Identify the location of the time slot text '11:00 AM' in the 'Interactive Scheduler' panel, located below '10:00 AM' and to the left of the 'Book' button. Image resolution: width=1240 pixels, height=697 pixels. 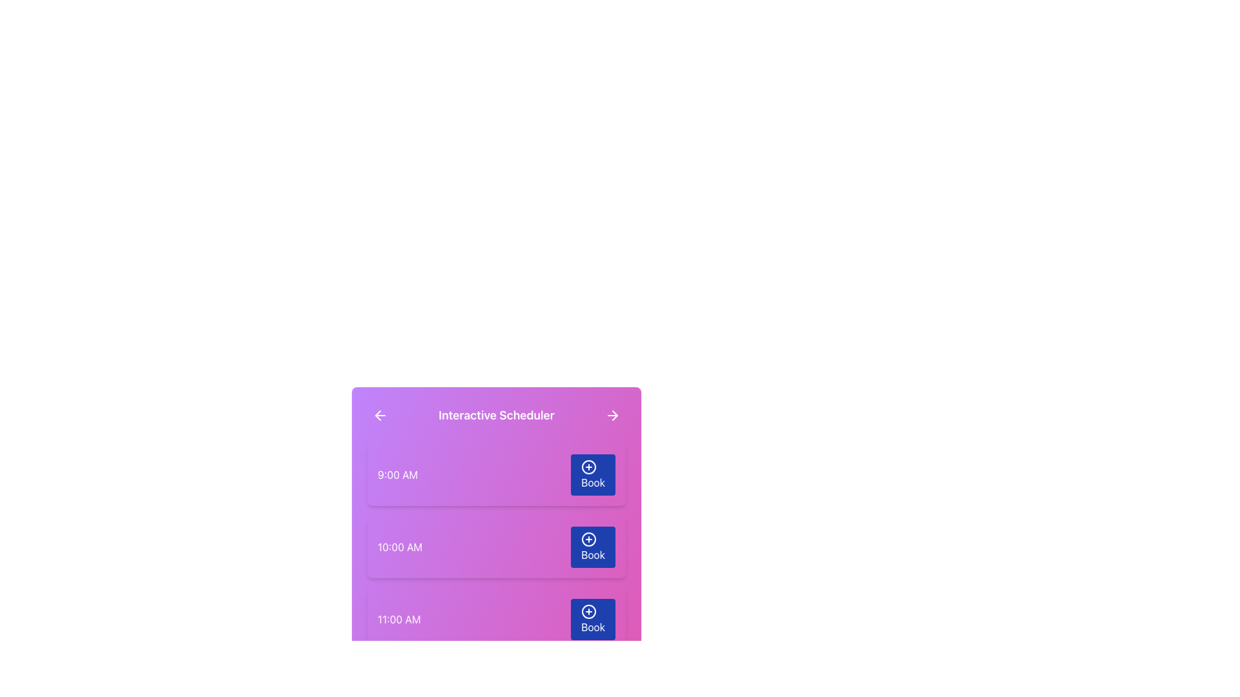
(398, 619).